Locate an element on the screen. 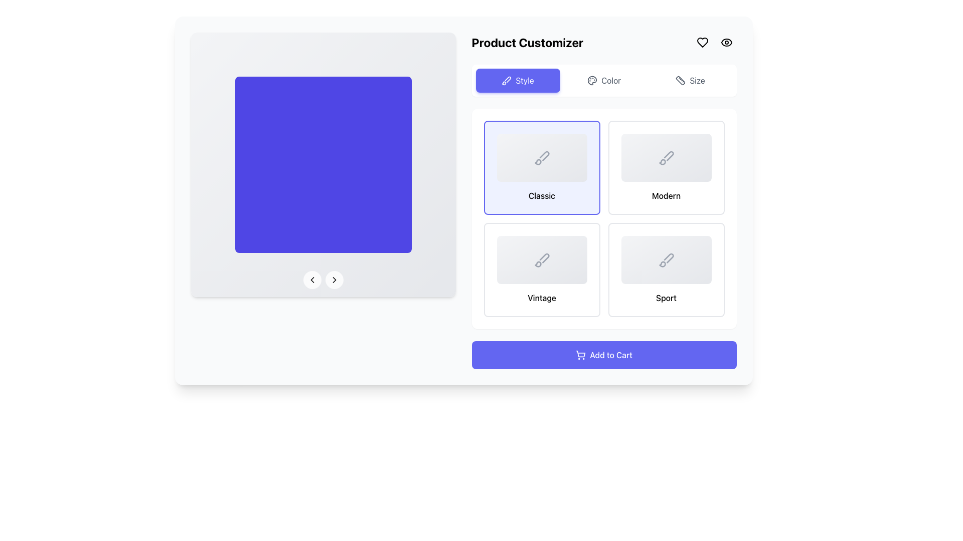 The image size is (963, 541). the icon located in the top-right corner of the interface, next to the heart-shaped icon, to trigger the 'view' or 'preview' action is located at coordinates (726, 42).